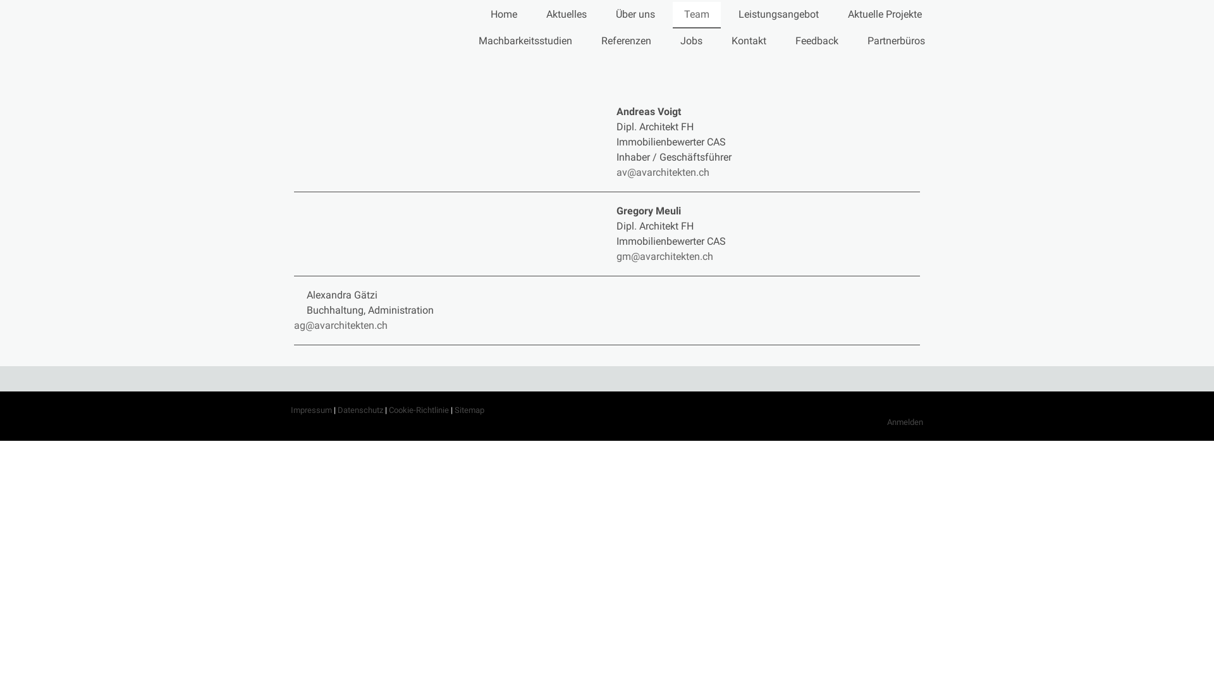 The height and width of the screenshot is (683, 1214). What do you see at coordinates (778, 15) in the screenshot?
I see `'Leistungsangebot'` at bounding box center [778, 15].